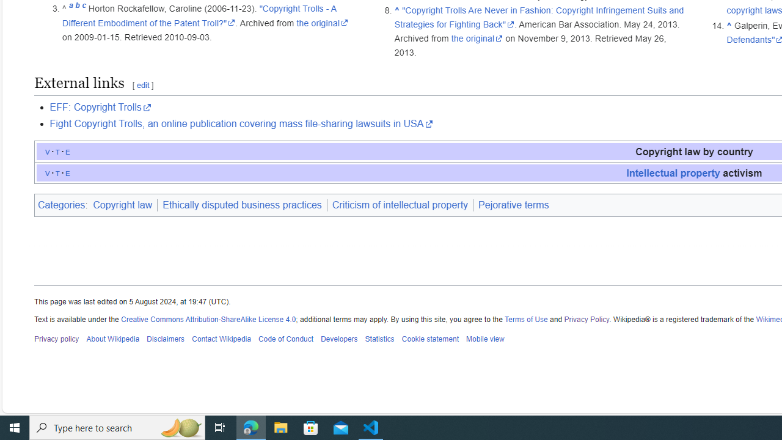 This screenshot has width=782, height=440. Describe the element at coordinates (242, 205) in the screenshot. I see `'Ethically disputed business practices'` at that location.